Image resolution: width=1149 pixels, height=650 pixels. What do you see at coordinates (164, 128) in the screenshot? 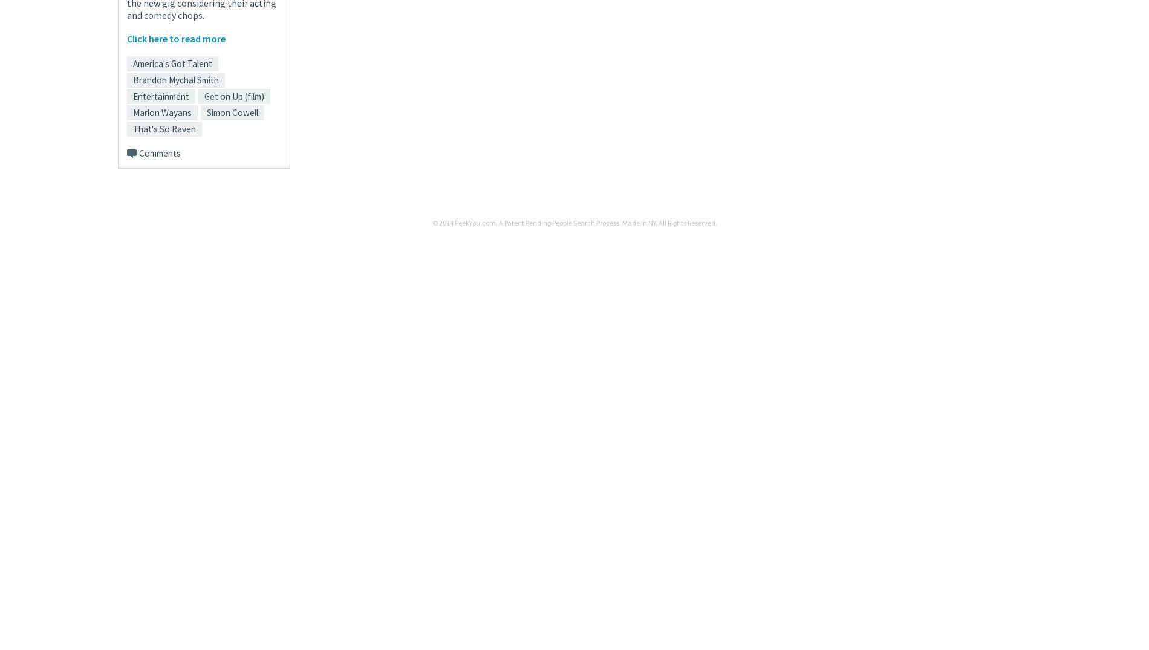
I see `'That's So Raven'` at bounding box center [164, 128].